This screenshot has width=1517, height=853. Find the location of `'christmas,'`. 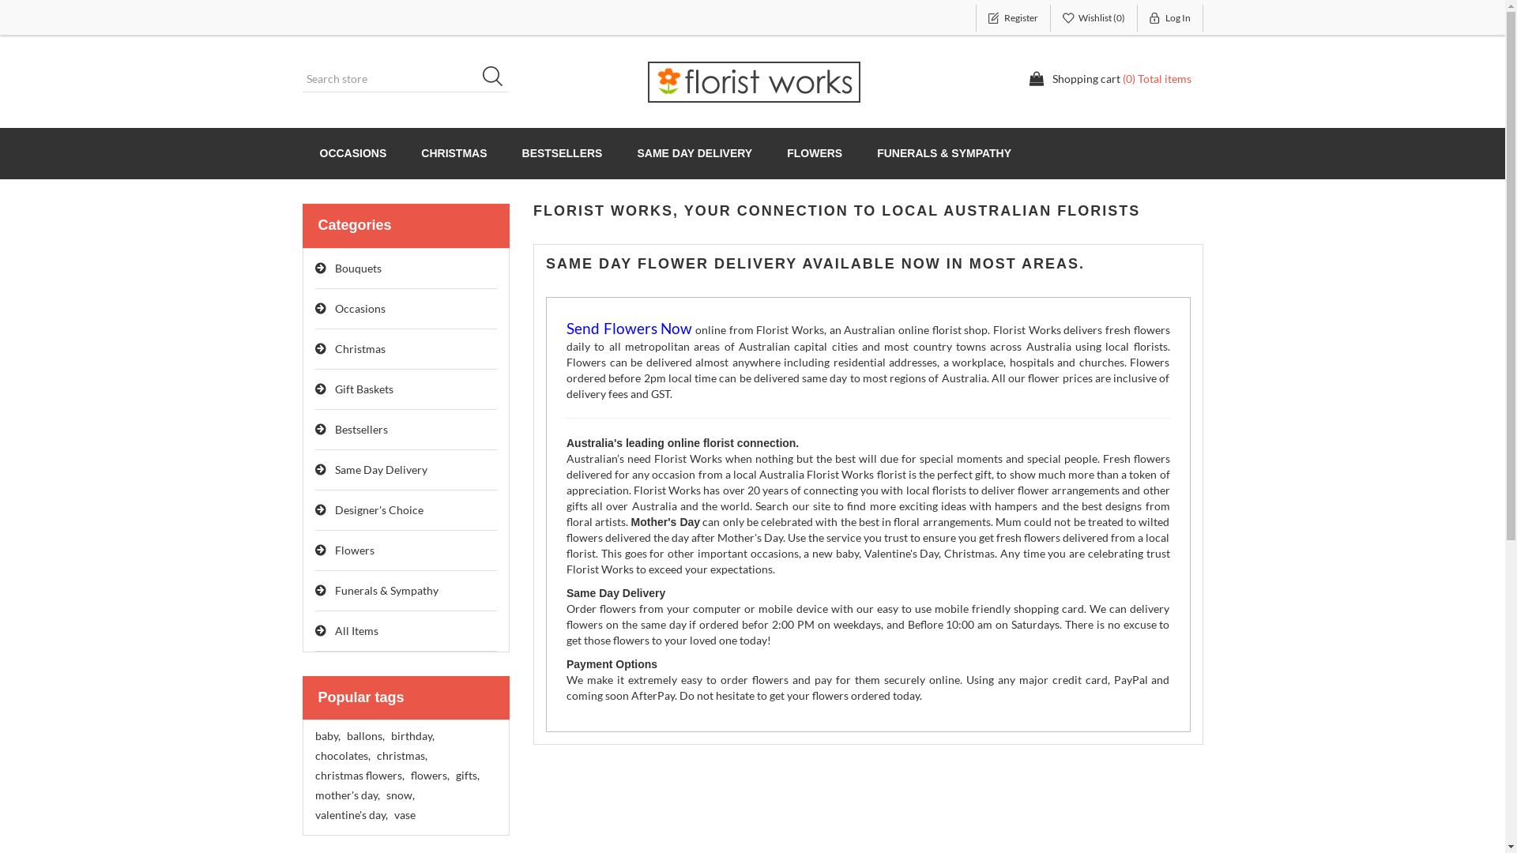

'christmas,' is located at coordinates (401, 754).